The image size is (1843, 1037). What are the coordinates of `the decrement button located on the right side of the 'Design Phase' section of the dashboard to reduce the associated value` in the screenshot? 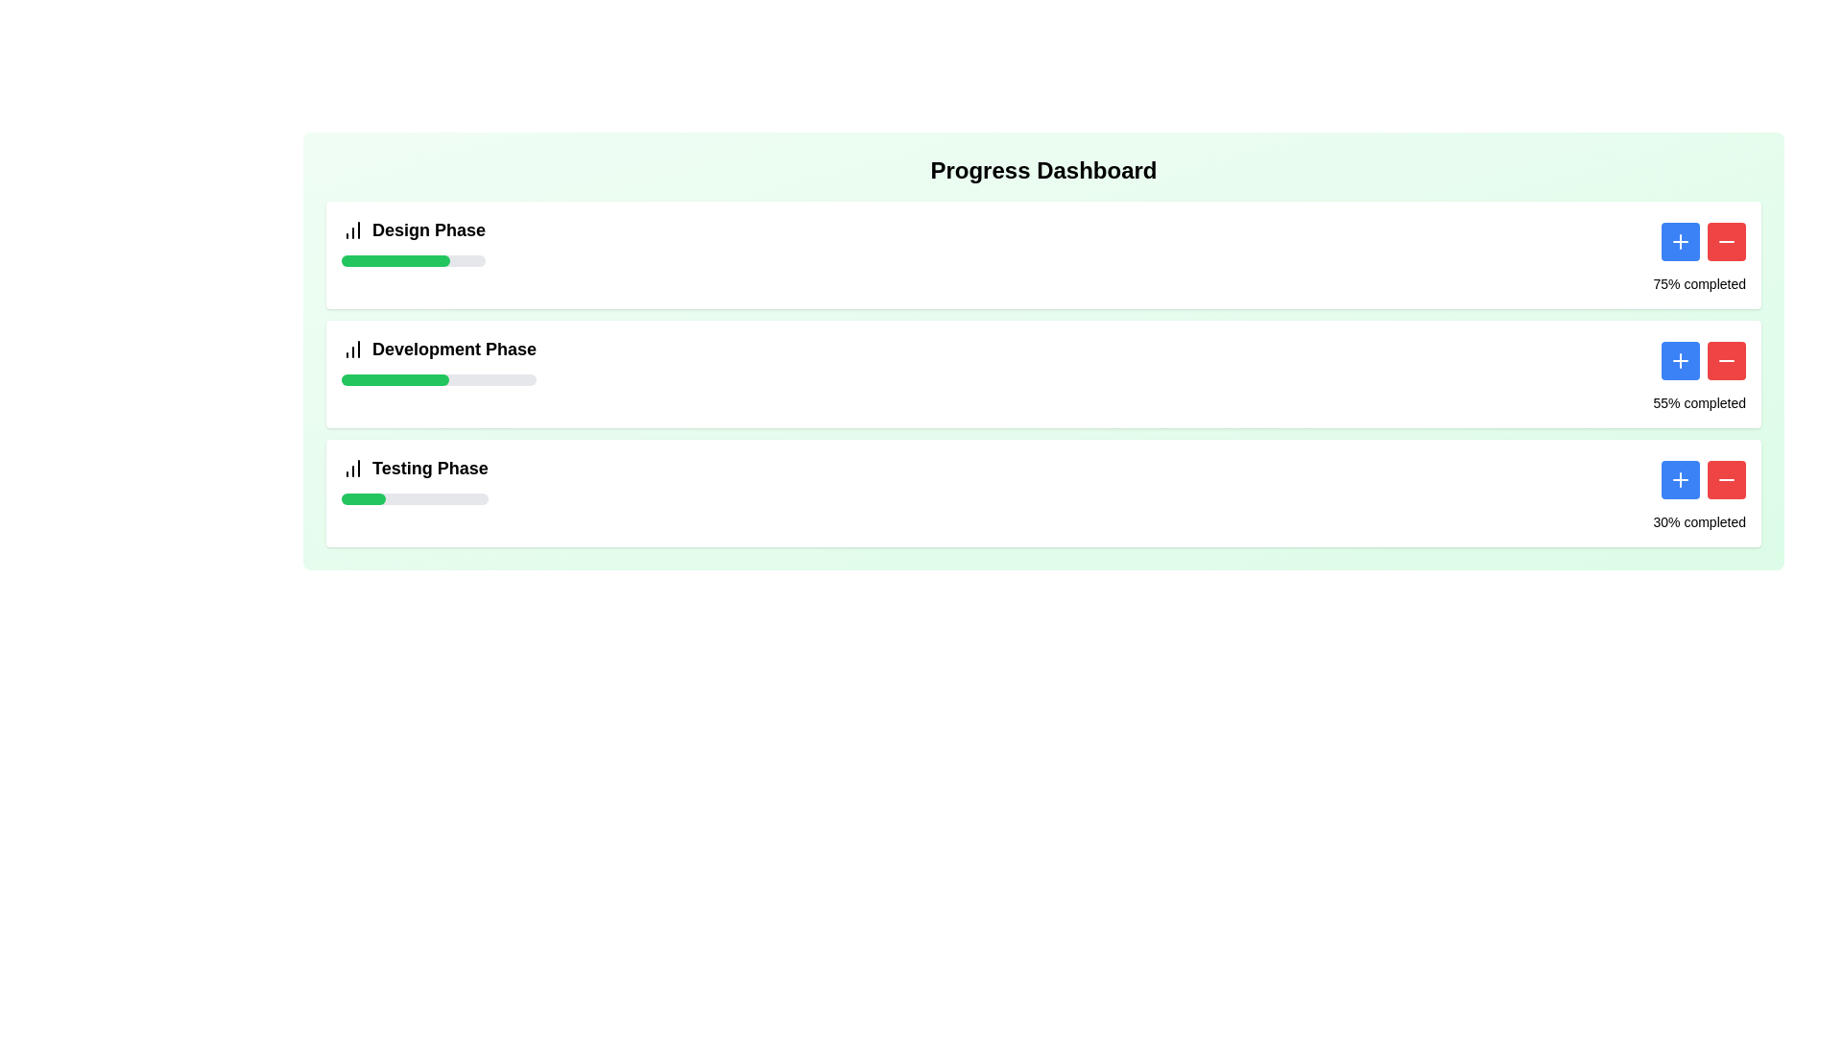 It's located at (1727, 240).